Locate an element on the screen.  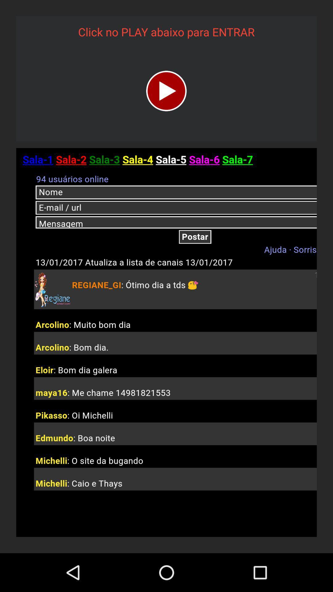
the play icon is located at coordinates (166, 91).